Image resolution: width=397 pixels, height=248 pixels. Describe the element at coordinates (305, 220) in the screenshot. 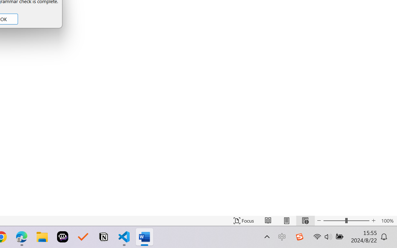

I see `'Web Layout'` at that location.